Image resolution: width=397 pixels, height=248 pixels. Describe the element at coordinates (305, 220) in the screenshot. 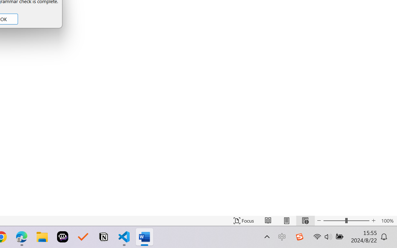

I see `'Web Layout'` at that location.